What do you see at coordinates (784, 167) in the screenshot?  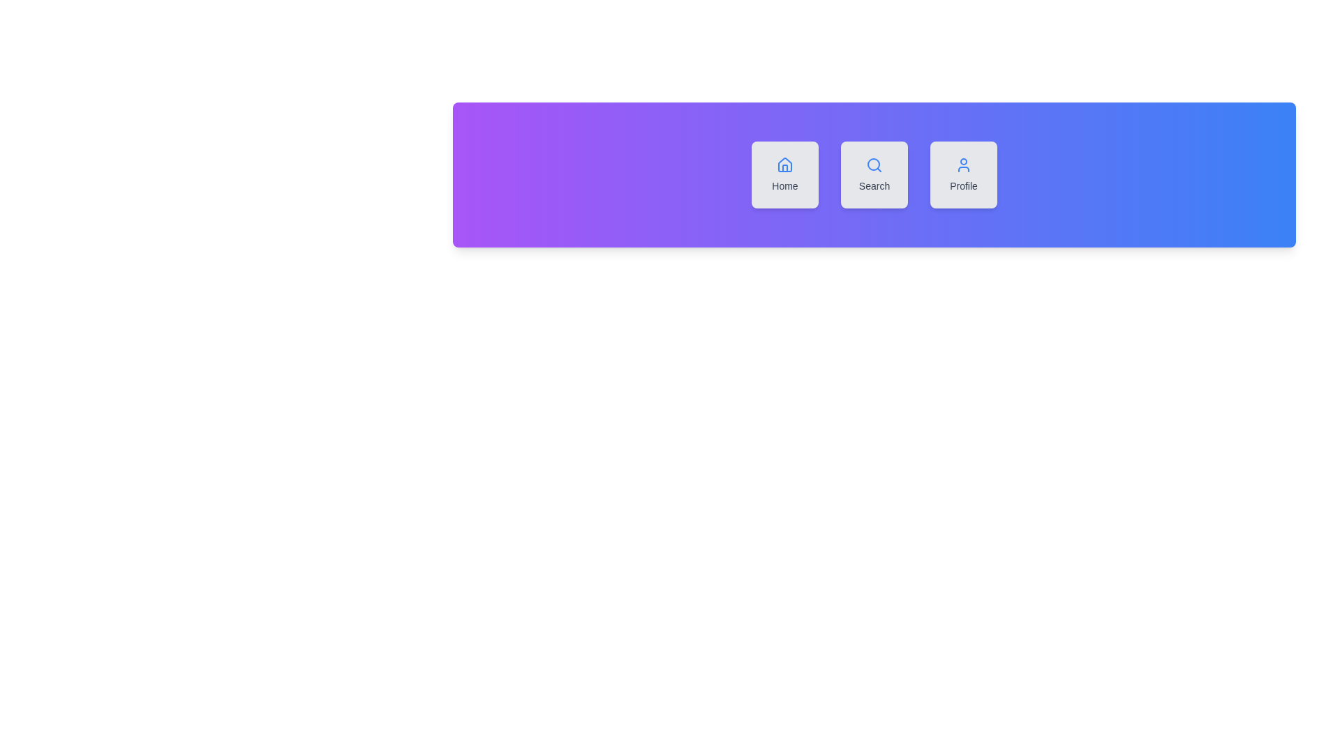 I see `the decorative door icon within the 'Home' icon in the navigation bar when tabbing through` at bounding box center [784, 167].